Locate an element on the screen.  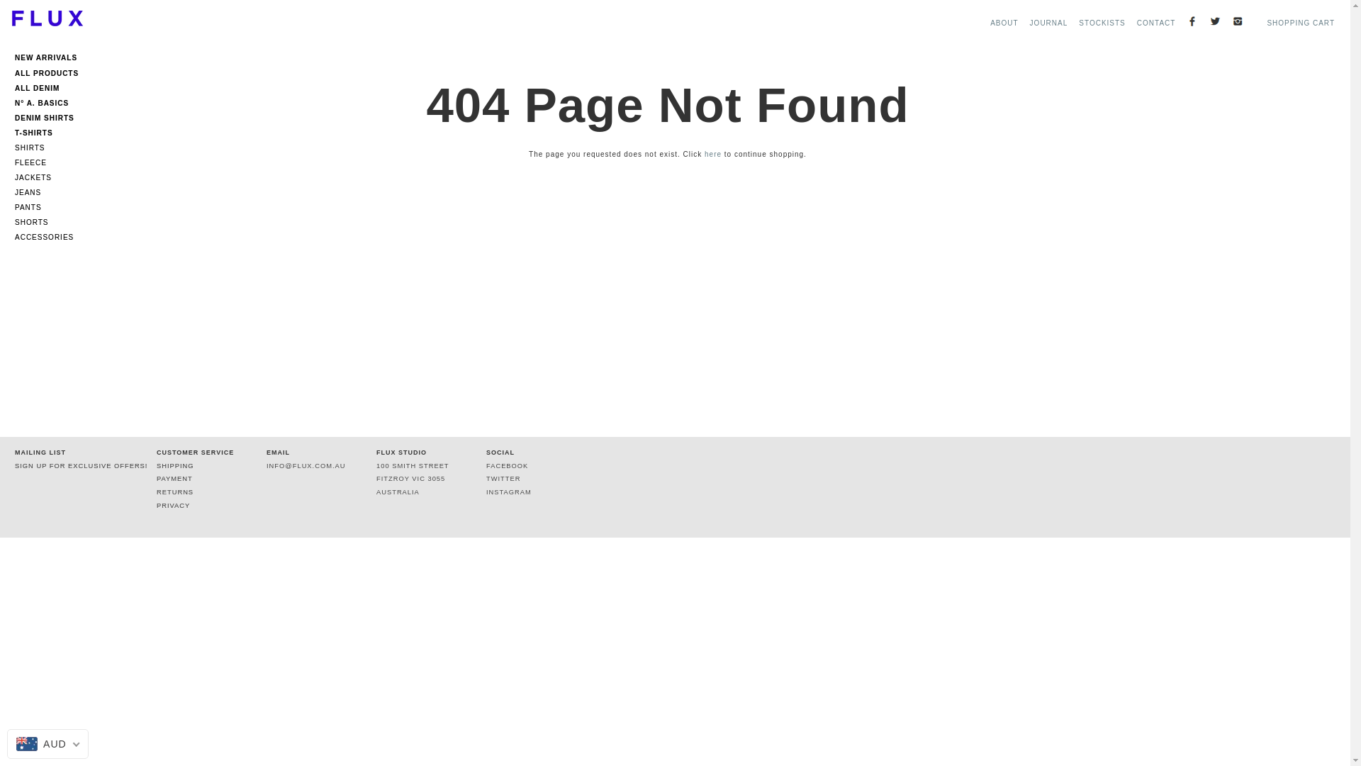
'ALL PRODUCTS' is located at coordinates (50, 71).